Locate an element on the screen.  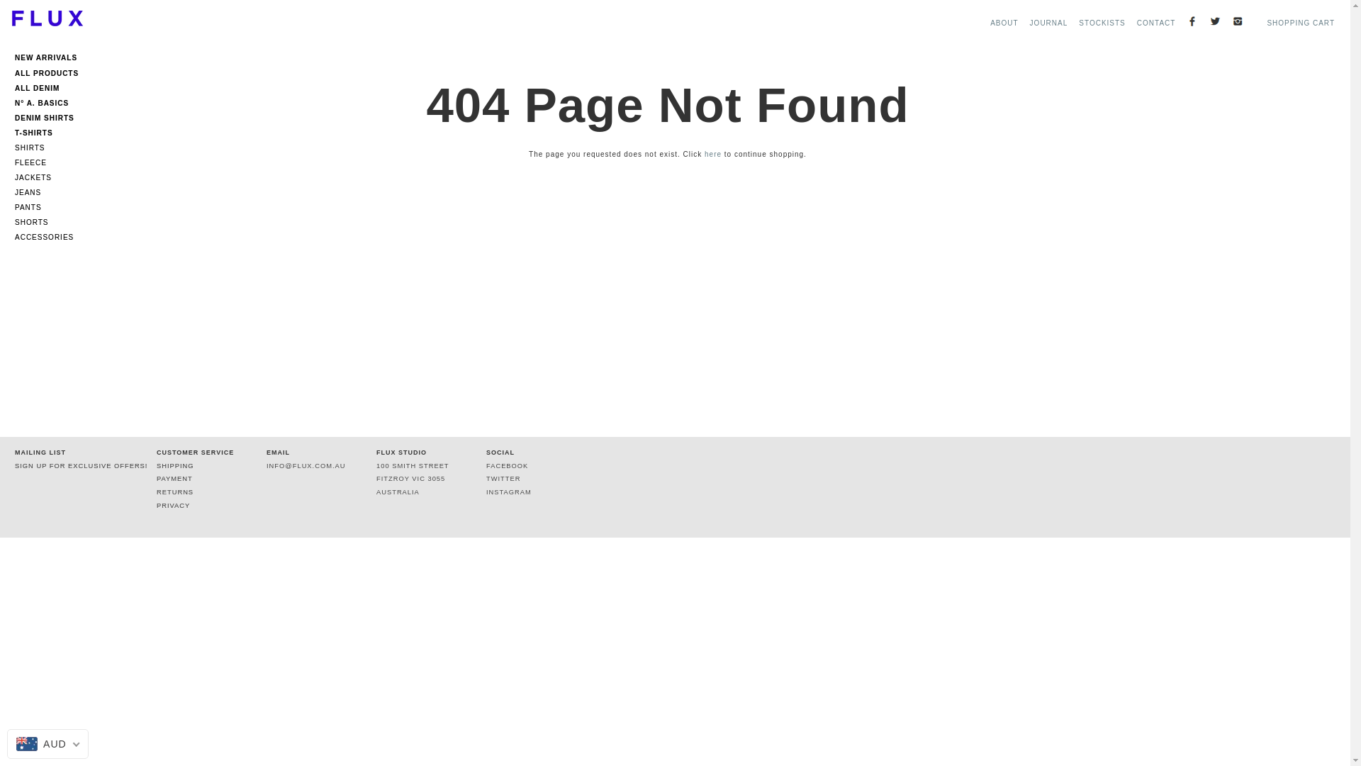
'ALL PRODUCTS' is located at coordinates (50, 71).